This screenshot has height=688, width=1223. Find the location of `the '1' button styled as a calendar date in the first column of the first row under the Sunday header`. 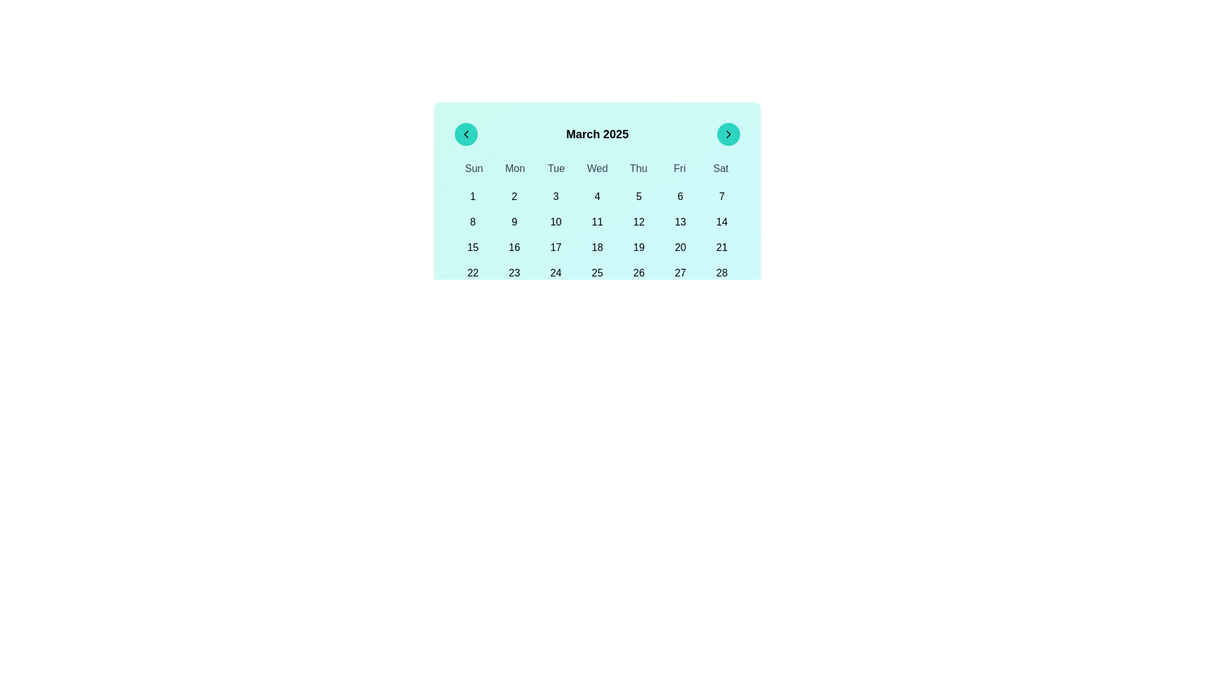

the '1' button styled as a calendar date in the first column of the first row under the Sunday header is located at coordinates (472, 196).